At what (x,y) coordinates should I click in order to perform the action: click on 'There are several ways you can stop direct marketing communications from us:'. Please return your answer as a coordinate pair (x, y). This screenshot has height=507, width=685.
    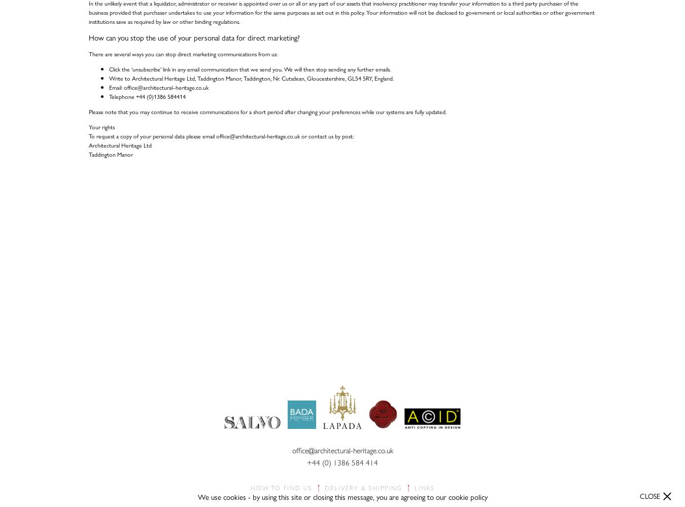
    Looking at the image, I should click on (183, 53).